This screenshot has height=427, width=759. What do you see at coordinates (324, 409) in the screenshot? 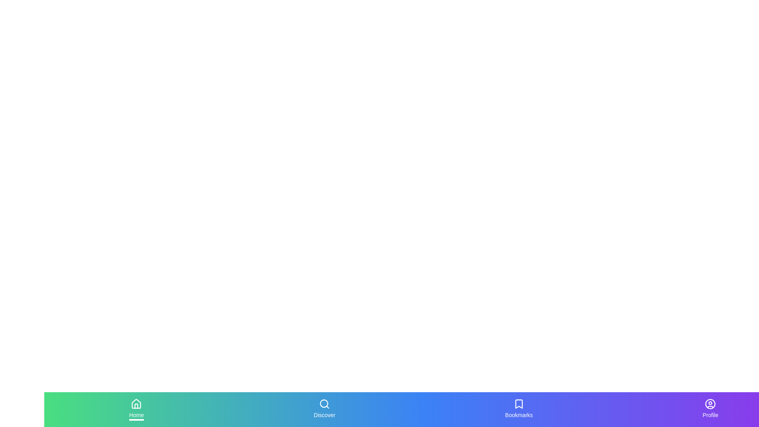
I see `the tab Discover in the bottom navigation bar` at bounding box center [324, 409].